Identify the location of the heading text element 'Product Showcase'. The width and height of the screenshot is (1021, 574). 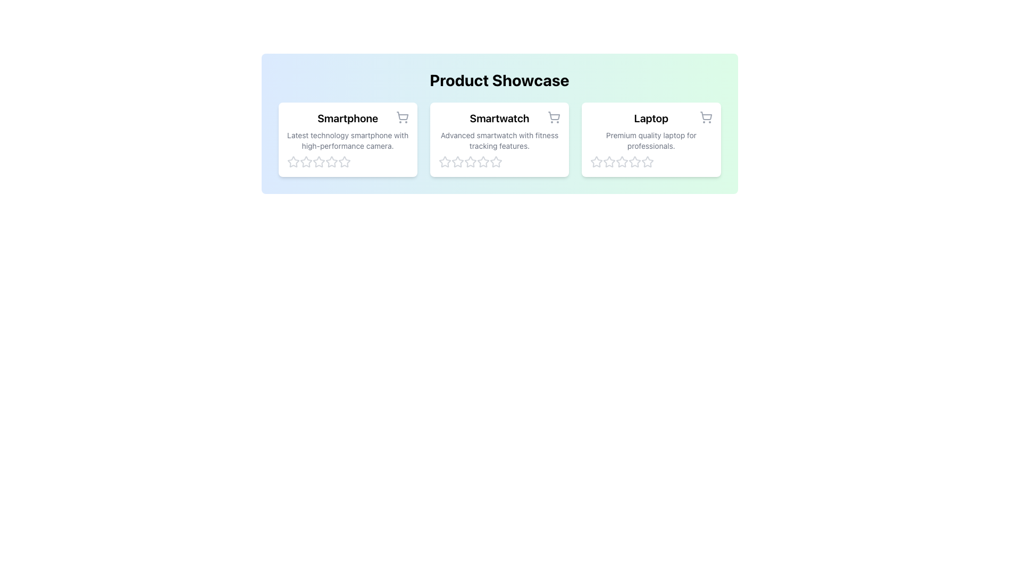
(499, 79).